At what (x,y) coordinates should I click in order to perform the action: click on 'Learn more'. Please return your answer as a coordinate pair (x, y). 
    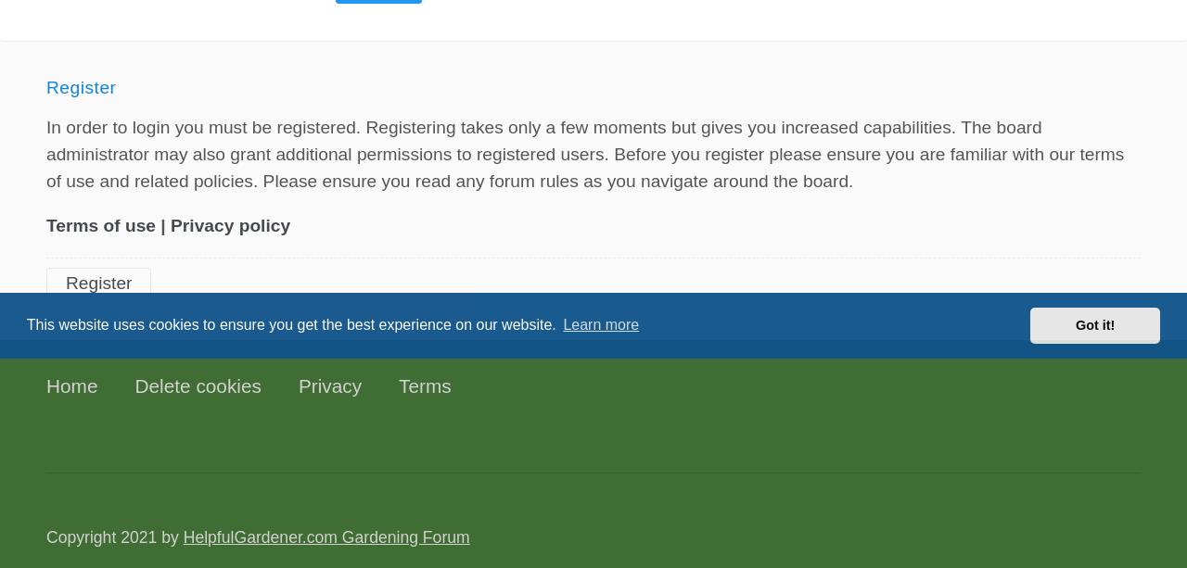
    Looking at the image, I should click on (601, 323).